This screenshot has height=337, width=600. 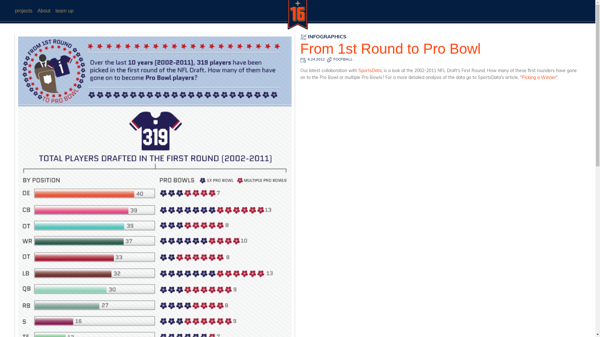 I want to click on 'FOOTBALL', so click(x=331, y=60).